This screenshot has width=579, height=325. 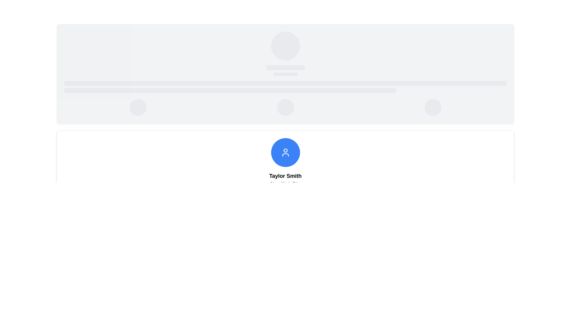 I want to click on the visual placeholder indicating loading content located in the upper middle portion of the profile card, so click(x=285, y=70).